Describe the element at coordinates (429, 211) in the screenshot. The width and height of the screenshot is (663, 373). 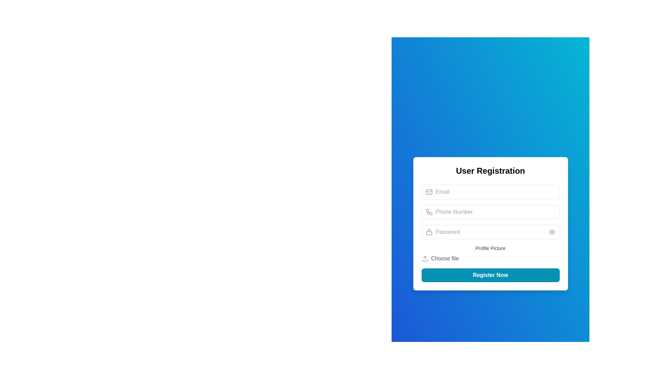
I see `the phone icon located to the left of the 'Phone Number' input field in the user registration form, which is depicted as a modern stroke graphic of a phone receiver` at that location.